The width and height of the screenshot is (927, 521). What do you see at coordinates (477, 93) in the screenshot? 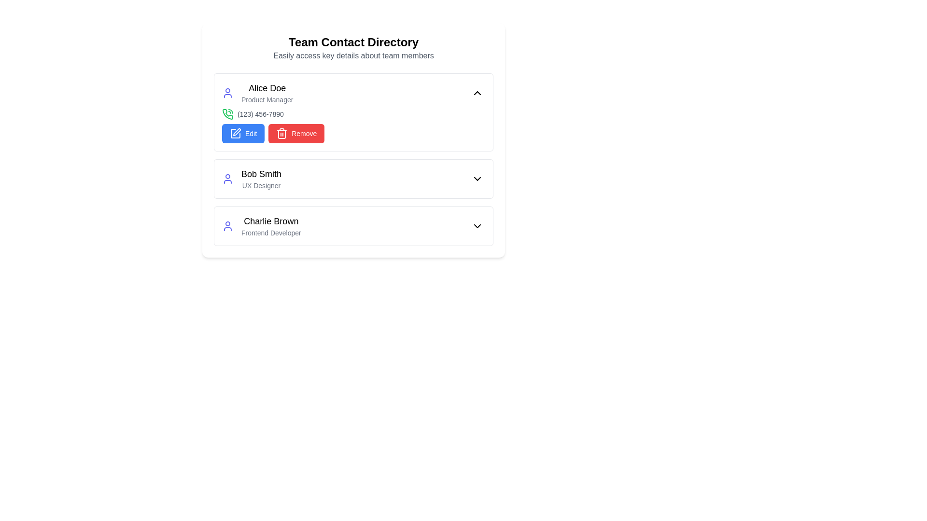
I see `the chevron-up icon located at the far right inside the card titled 'Alice Doe', to the right of 'Product Manager' text, to observe the hover effects` at bounding box center [477, 93].